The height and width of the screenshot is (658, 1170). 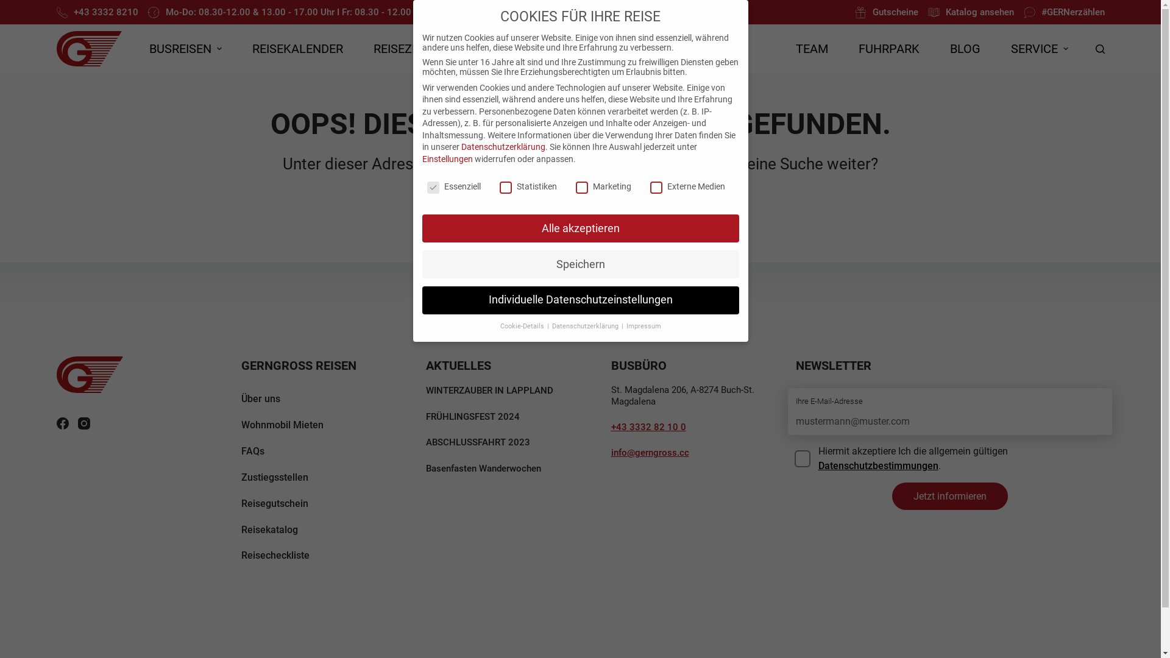 I want to click on 'ABSCHLUSSFAHRT 2023', so click(x=503, y=442).